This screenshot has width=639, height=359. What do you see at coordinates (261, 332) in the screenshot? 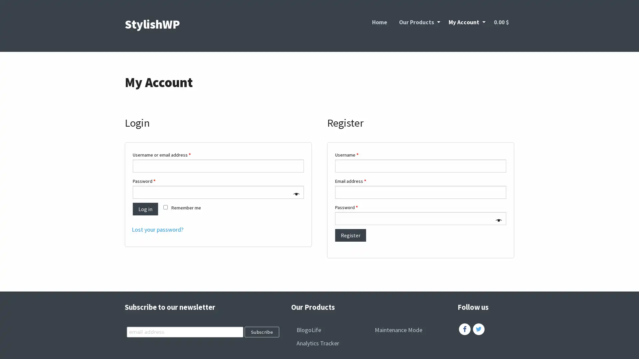
I see `Subscribe` at bounding box center [261, 332].